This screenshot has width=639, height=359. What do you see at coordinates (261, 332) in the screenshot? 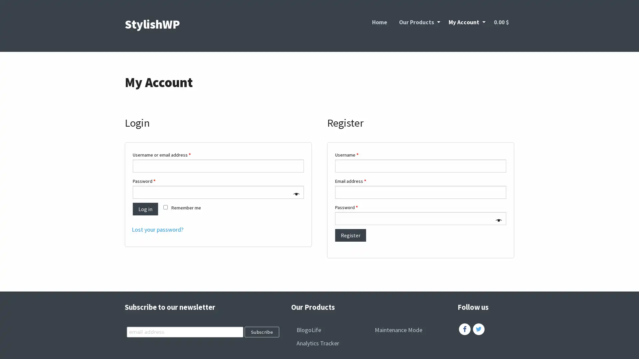
I see `Subscribe` at bounding box center [261, 332].